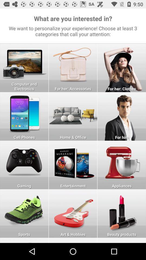  Describe the element at coordinates (122, 67) in the screenshot. I see `click on for her clothes` at that location.